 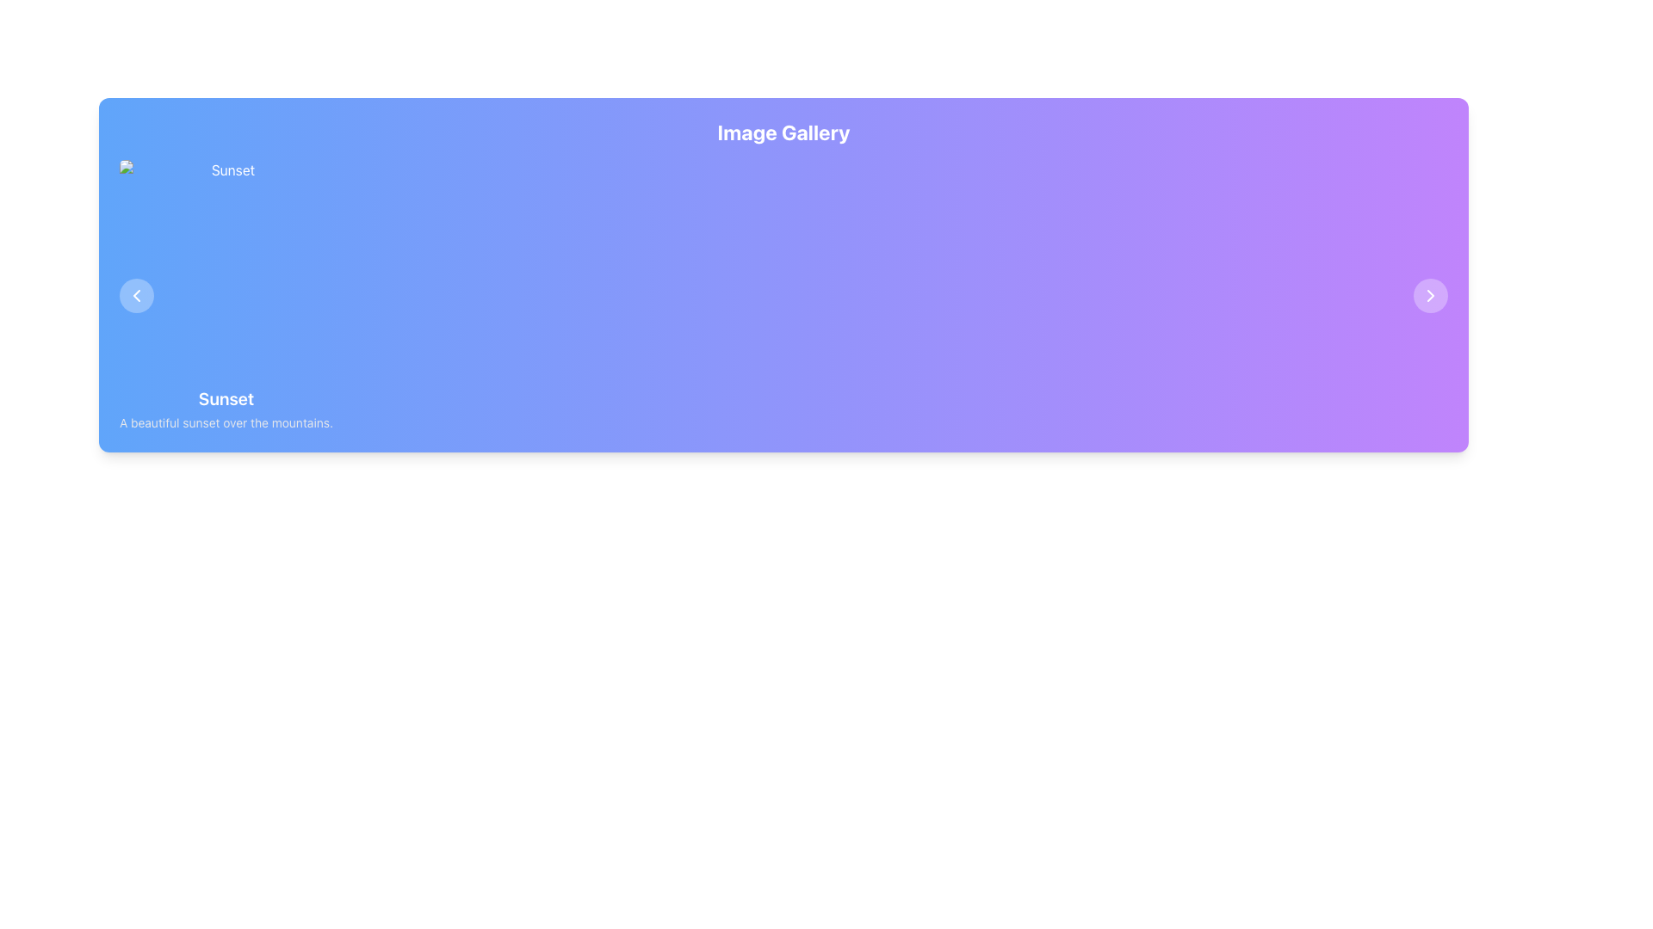 What do you see at coordinates (135, 294) in the screenshot?
I see `the circular button with a semi-transparent white background and a left-facing chevron icon` at bounding box center [135, 294].